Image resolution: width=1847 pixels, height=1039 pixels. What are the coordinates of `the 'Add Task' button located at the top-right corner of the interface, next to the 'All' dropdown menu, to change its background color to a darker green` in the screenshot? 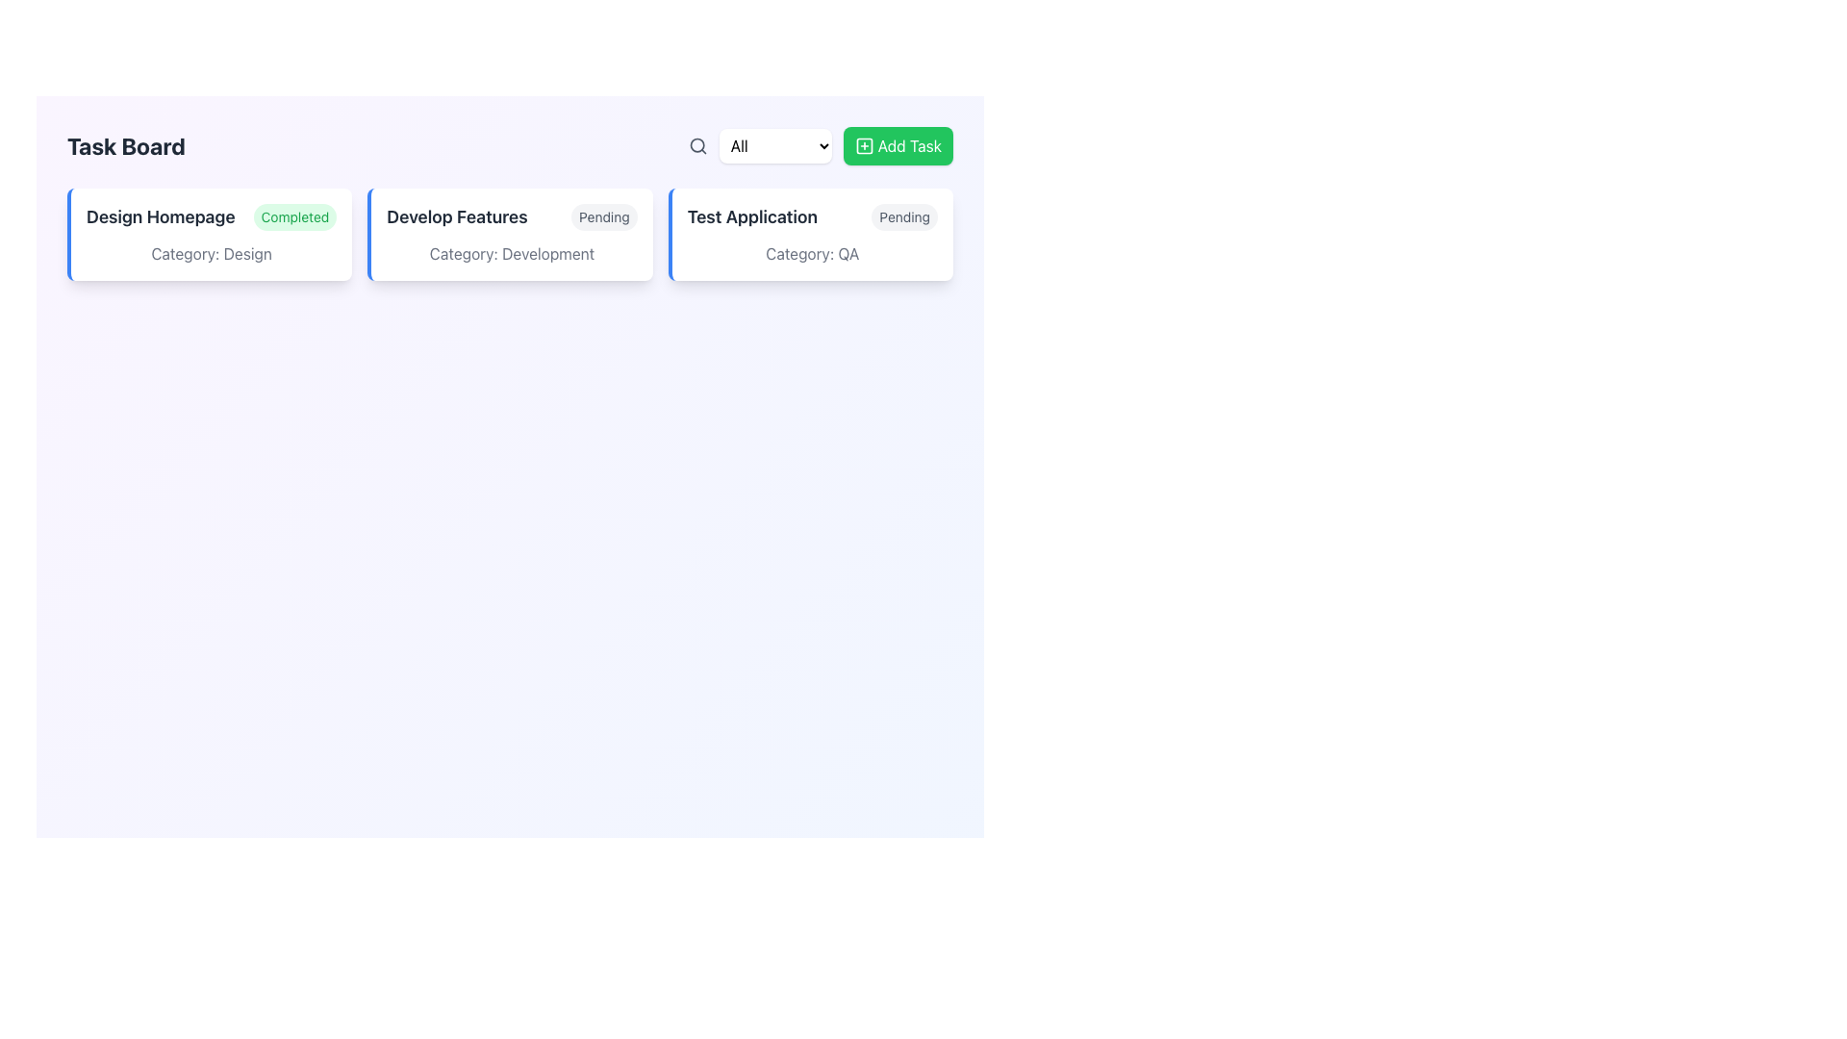 It's located at (897, 144).